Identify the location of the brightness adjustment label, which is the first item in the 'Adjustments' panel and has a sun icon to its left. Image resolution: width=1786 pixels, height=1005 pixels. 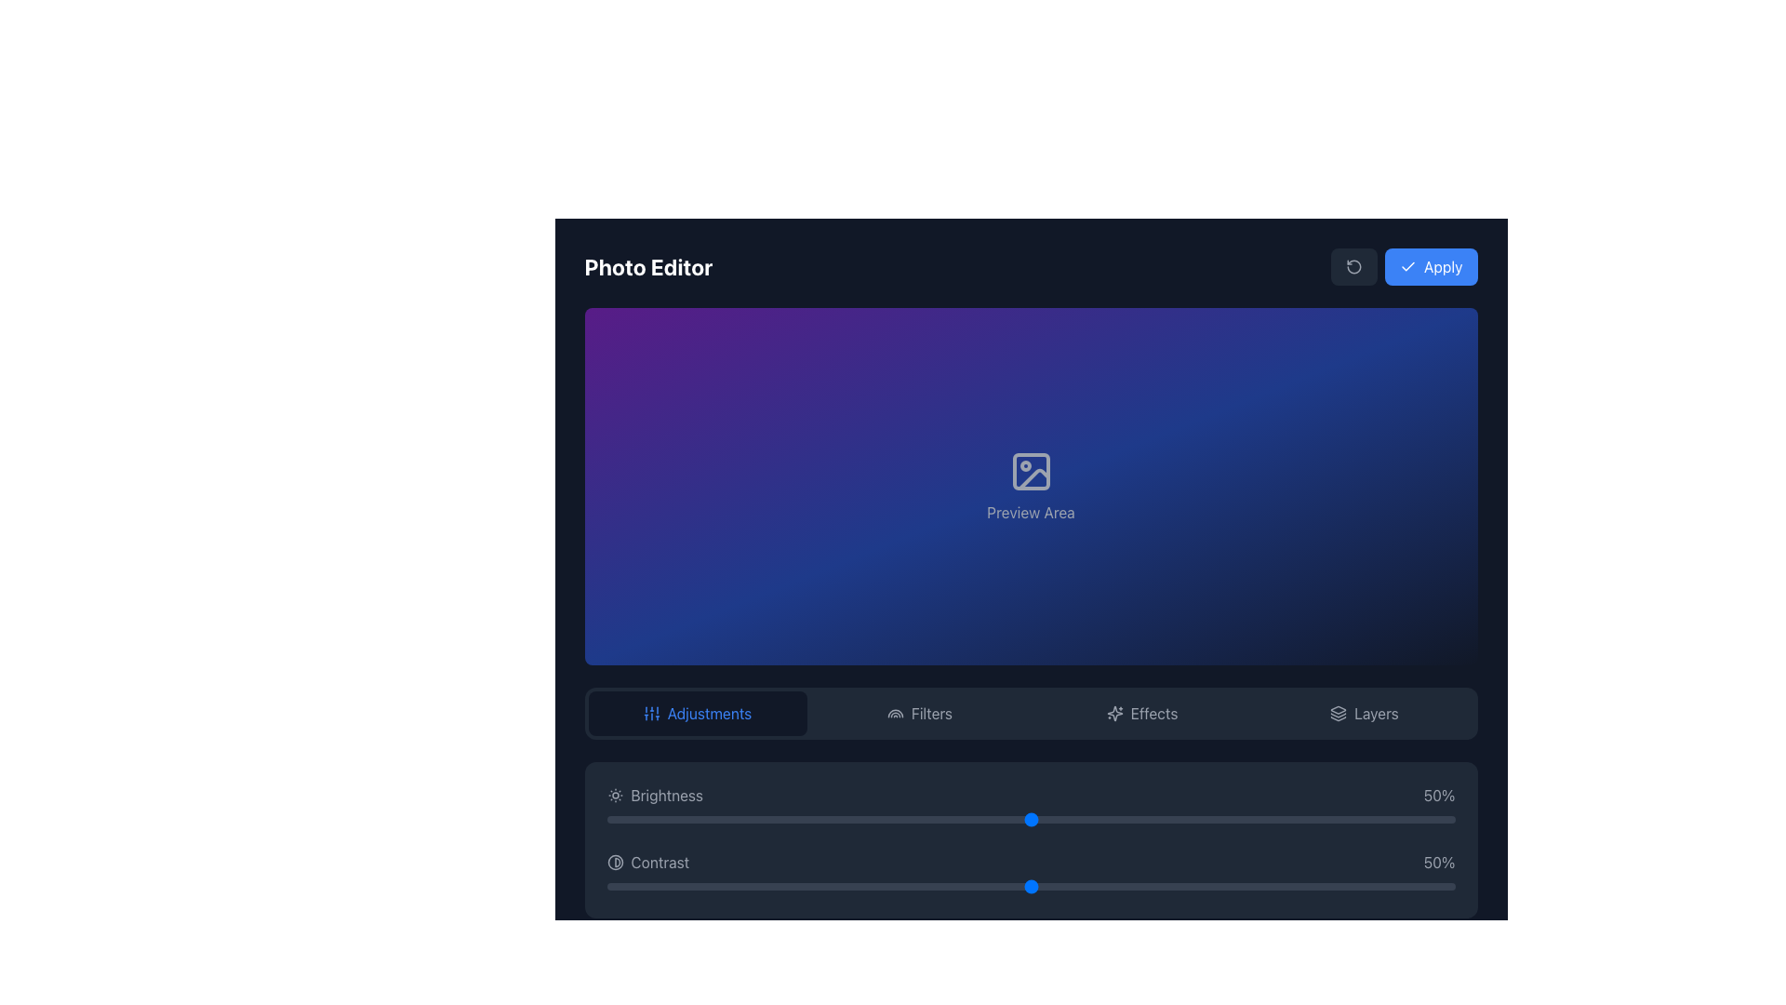
(667, 796).